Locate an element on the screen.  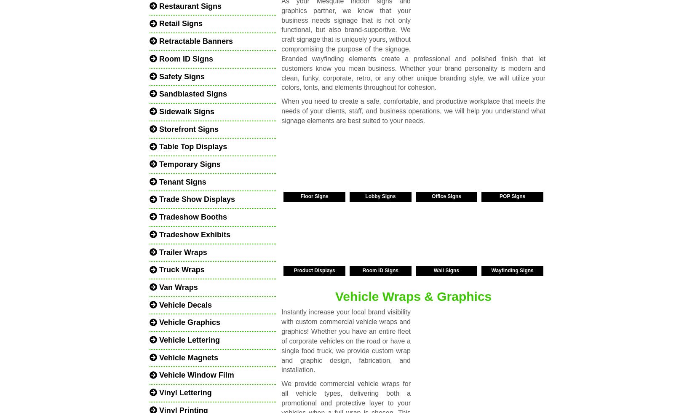
'Table Top Displays' is located at coordinates (157, 146).